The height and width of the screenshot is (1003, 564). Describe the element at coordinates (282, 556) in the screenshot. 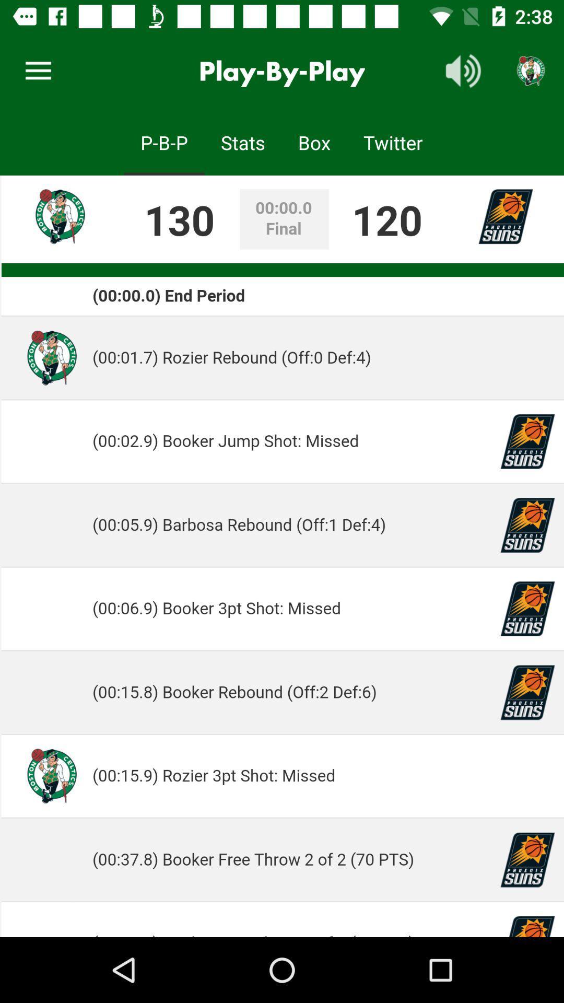

I see `the advertisement` at that location.